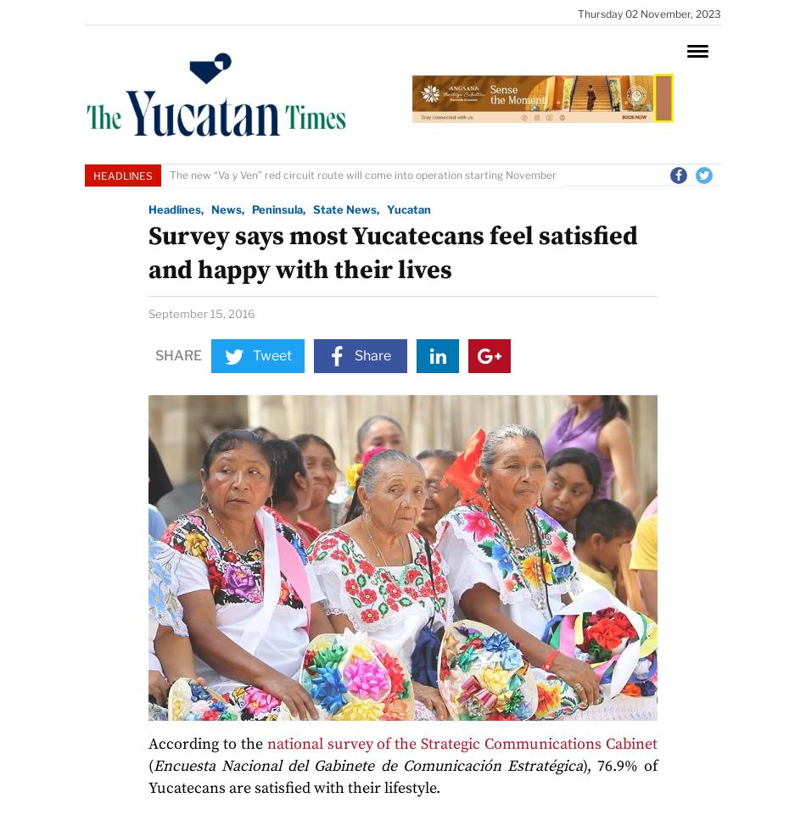 The width and height of the screenshot is (806, 820). Describe the element at coordinates (148, 766) in the screenshot. I see `'('` at that location.